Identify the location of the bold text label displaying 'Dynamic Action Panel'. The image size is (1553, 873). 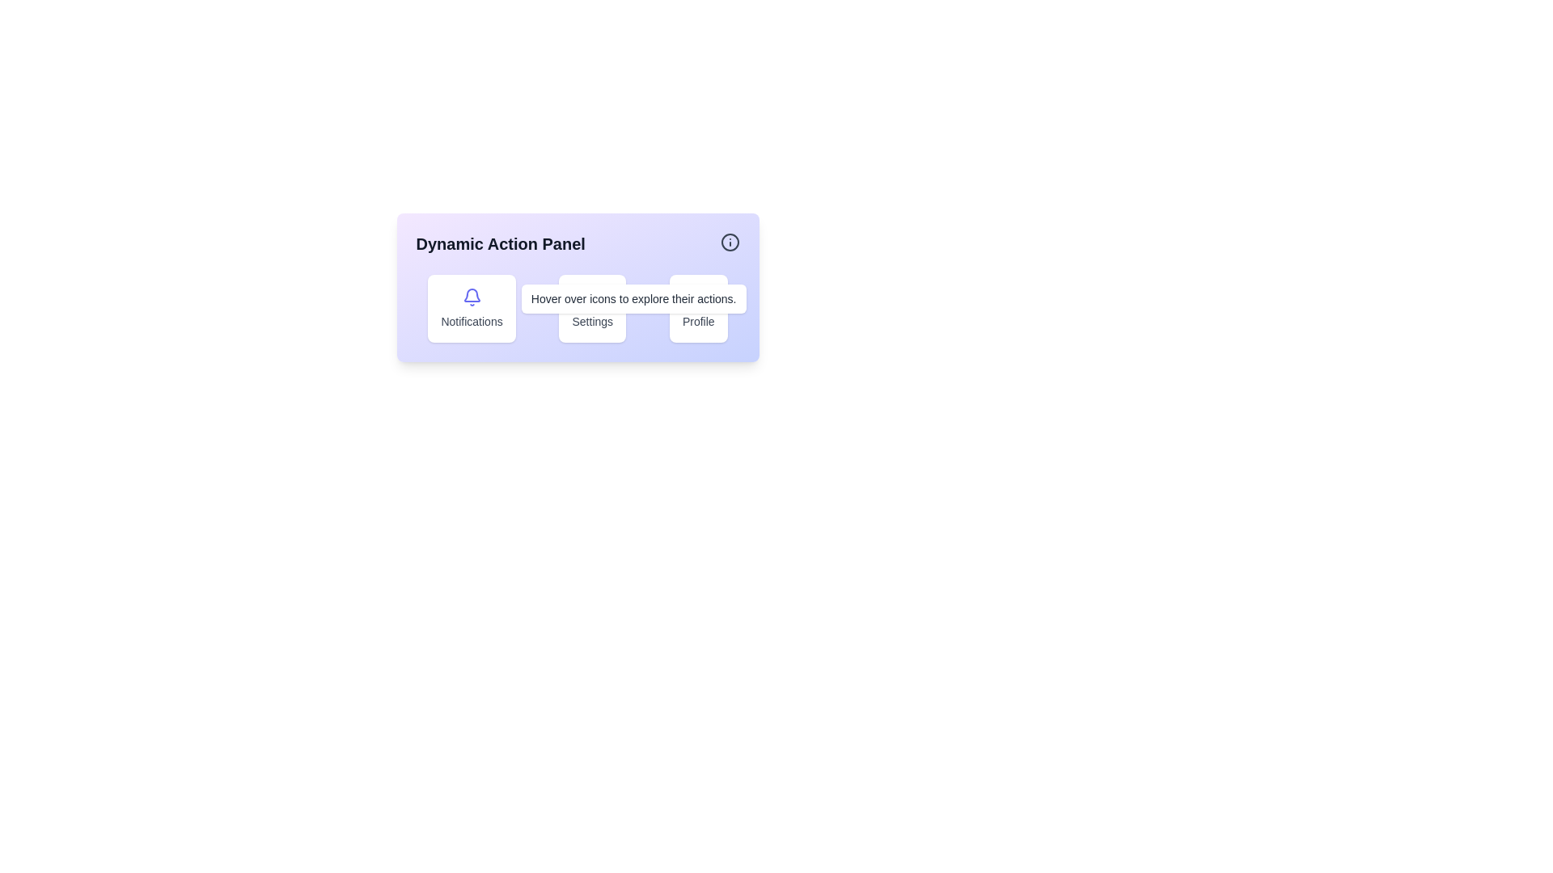
(500, 243).